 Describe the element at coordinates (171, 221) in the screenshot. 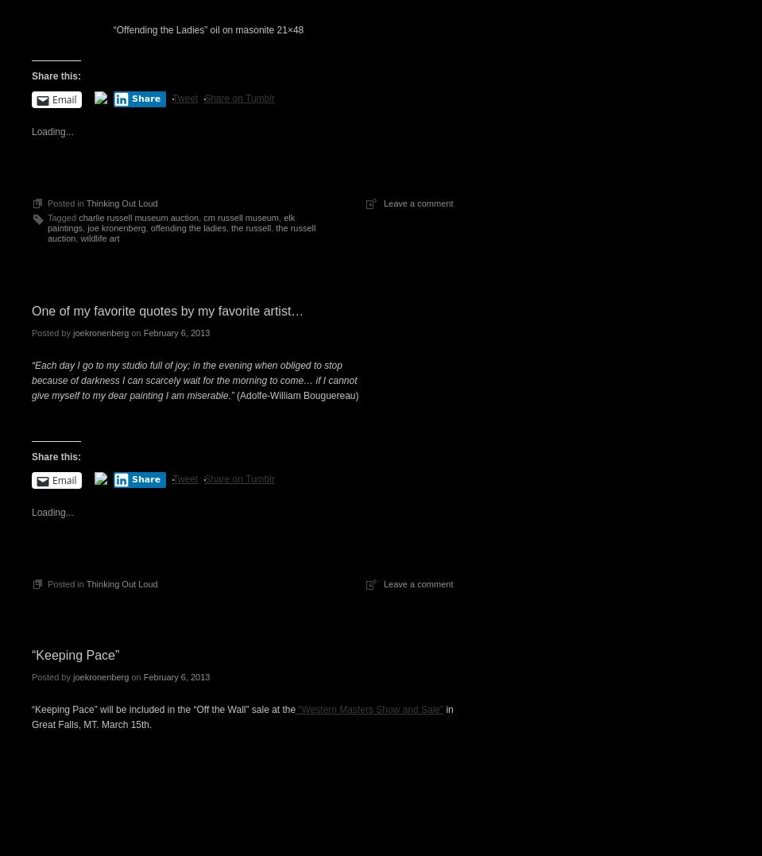

I see `'elk paintings'` at that location.